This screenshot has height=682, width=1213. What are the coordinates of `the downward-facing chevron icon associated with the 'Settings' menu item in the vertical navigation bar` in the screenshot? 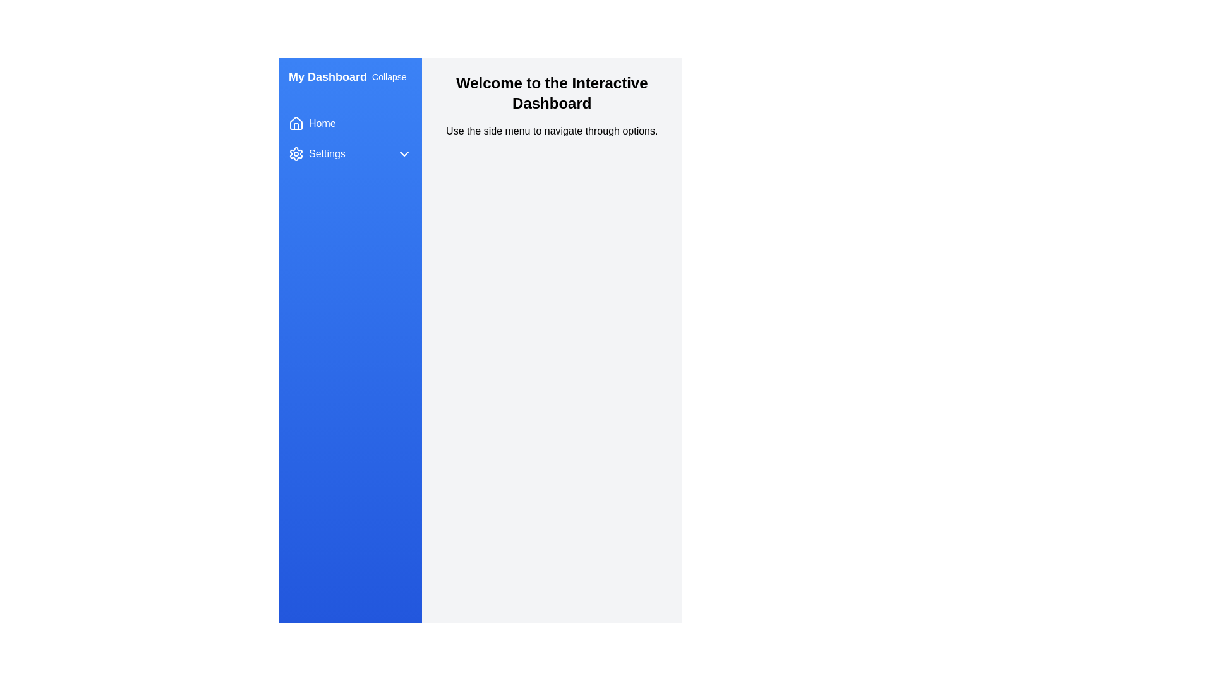 It's located at (403, 153).